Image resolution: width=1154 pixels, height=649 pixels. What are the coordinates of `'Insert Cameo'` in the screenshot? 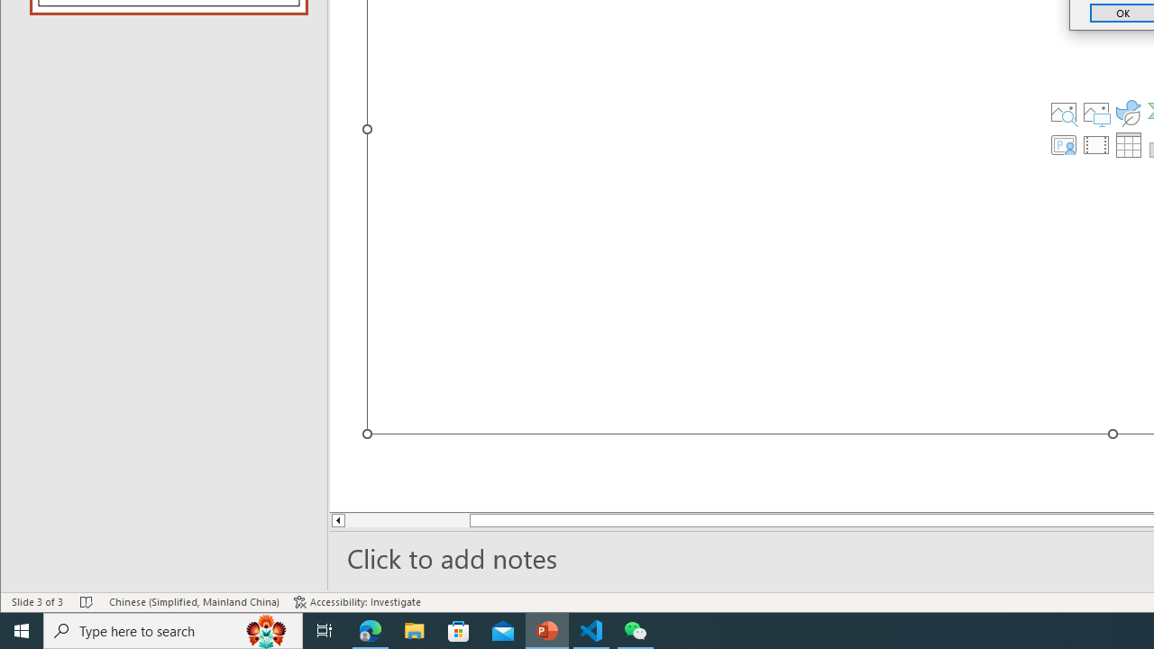 It's located at (1063, 143).